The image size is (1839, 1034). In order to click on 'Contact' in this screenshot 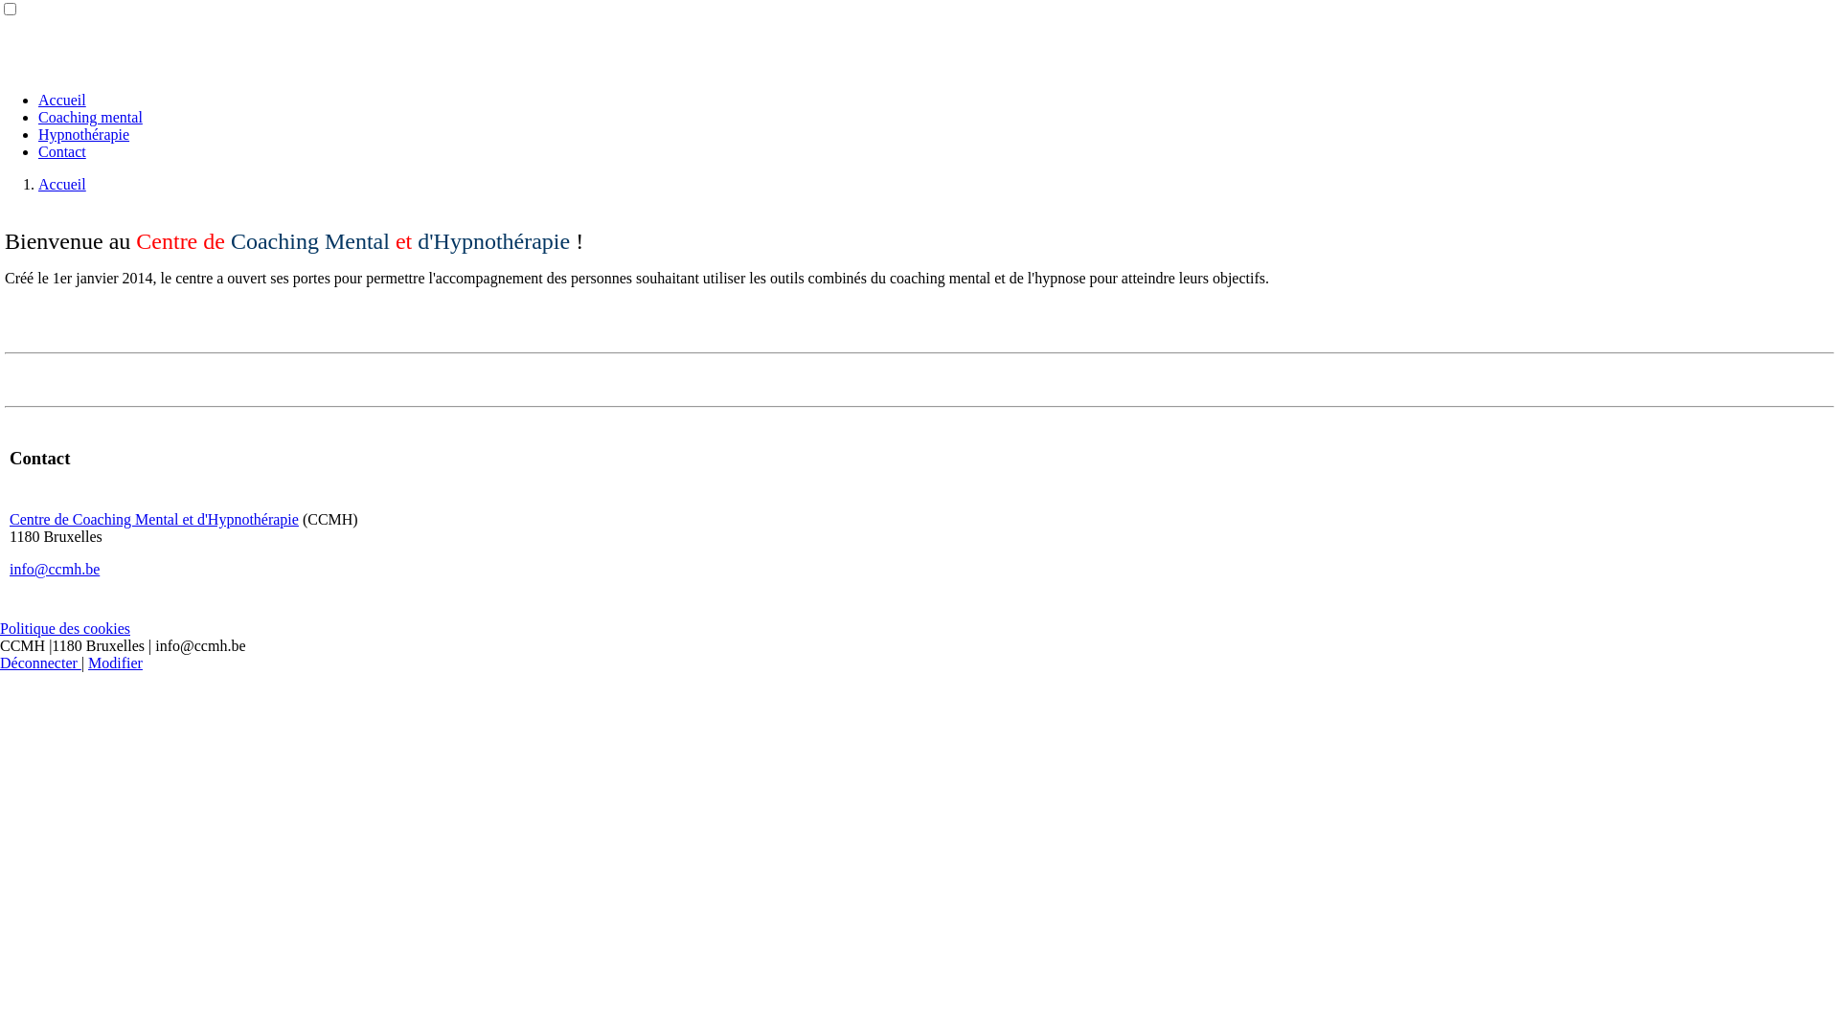, I will do `click(62, 150)`.